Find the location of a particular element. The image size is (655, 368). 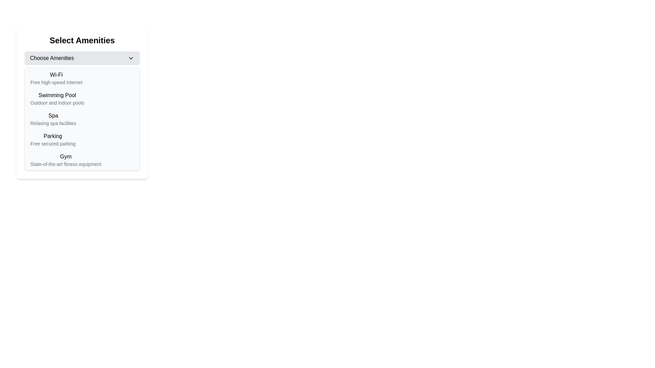

the last list item labeled 'Gym' that contains the description 'State-of-the-art fitness equipment', styled with padding and a hover effect, located within a light-gray background, positioned below the 'Parking' option is located at coordinates (82, 160).